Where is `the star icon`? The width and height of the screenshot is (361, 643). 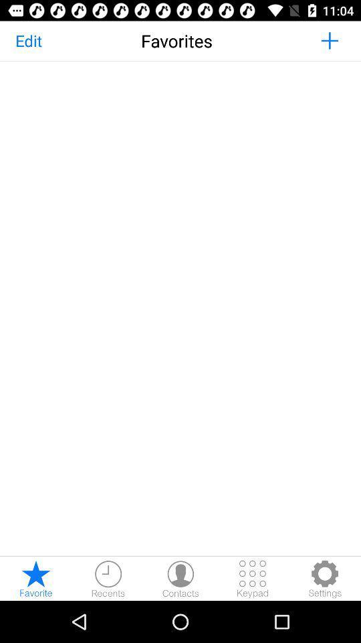
the star icon is located at coordinates (36, 578).